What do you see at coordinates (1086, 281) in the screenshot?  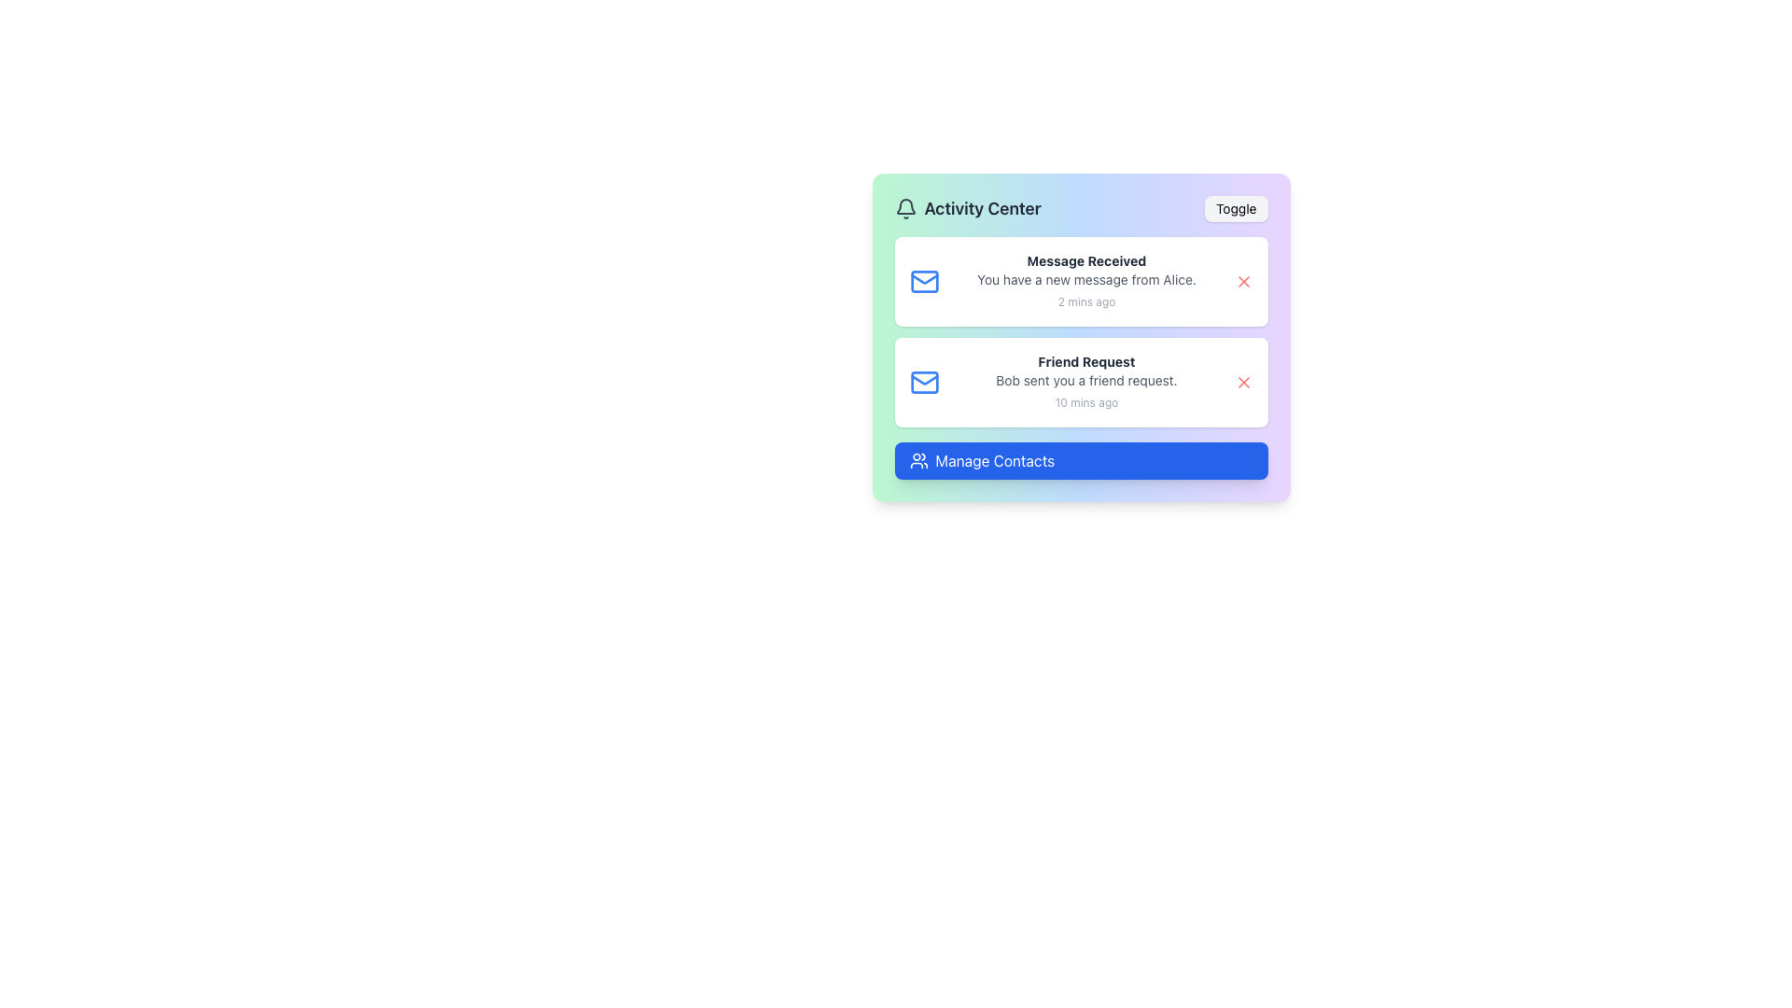 I see `the Notification Text Block that informs the user of a new message from Alice, which is located in the activity panel above the 'Friend Request' notification card` at bounding box center [1086, 281].